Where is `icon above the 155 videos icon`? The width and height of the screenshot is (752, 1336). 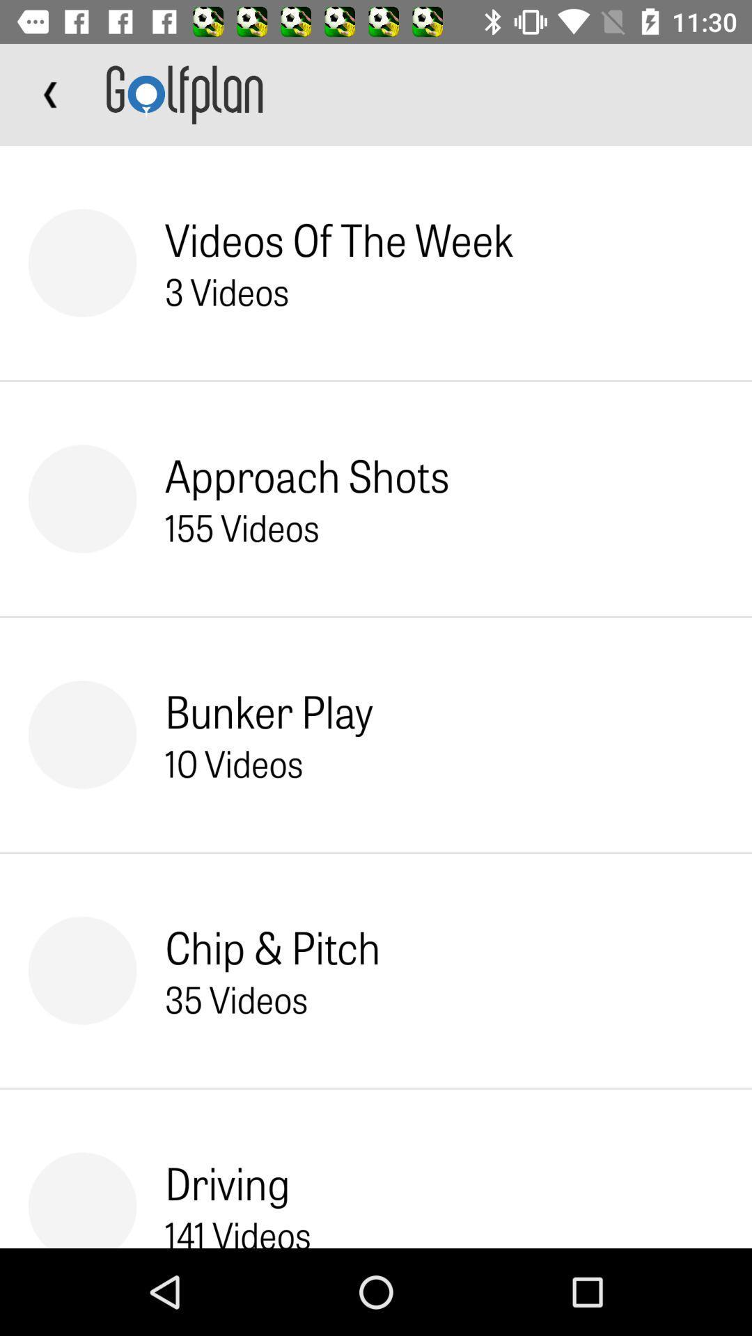
icon above the 155 videos icon is located at coordinates (306, 475).